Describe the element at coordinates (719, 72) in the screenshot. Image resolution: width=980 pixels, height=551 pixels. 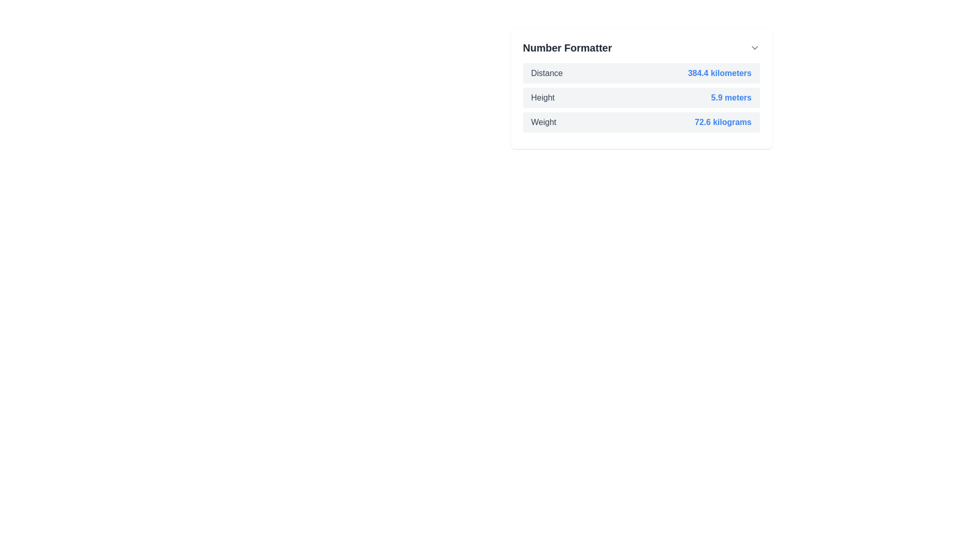
I see `the informational Text label that conveys the distance metric, located to the right of the 'Distance' label` at that location.